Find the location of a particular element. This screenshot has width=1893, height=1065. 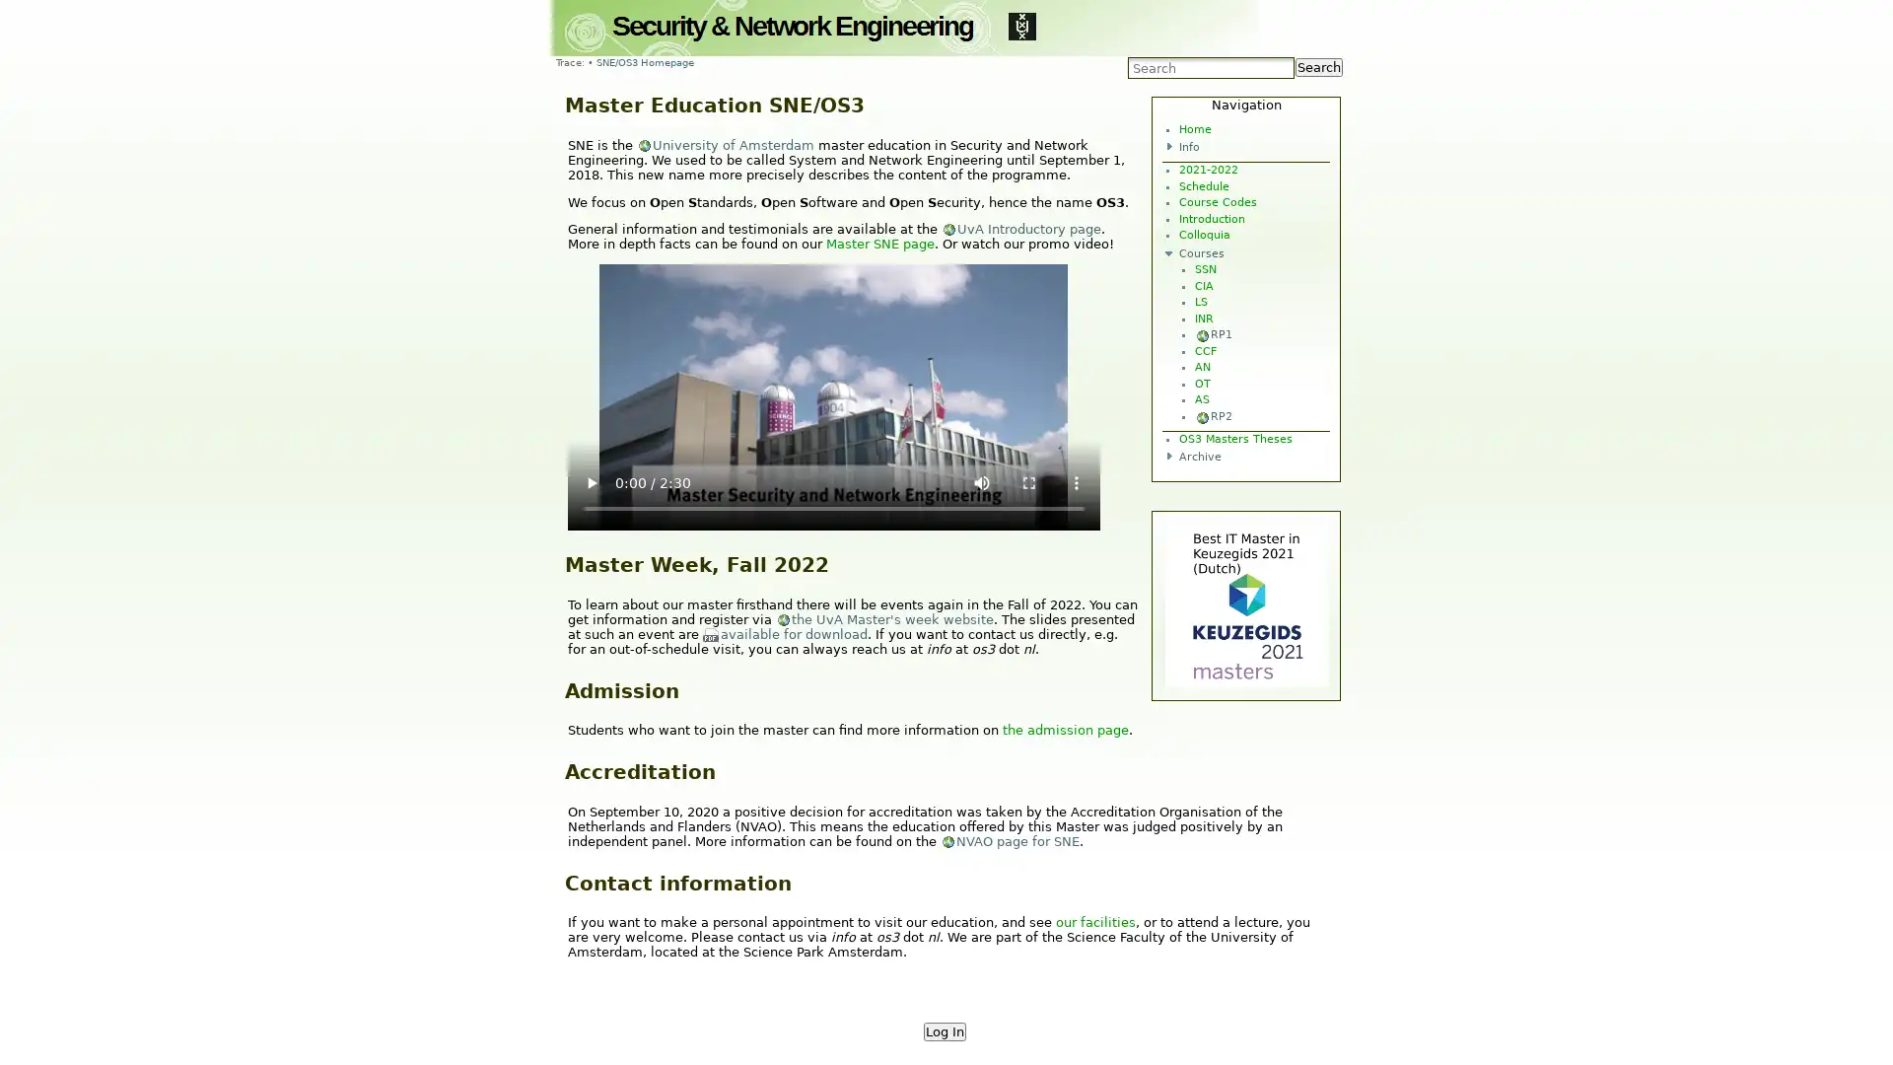

Search is located at coordinates (1319, 65).